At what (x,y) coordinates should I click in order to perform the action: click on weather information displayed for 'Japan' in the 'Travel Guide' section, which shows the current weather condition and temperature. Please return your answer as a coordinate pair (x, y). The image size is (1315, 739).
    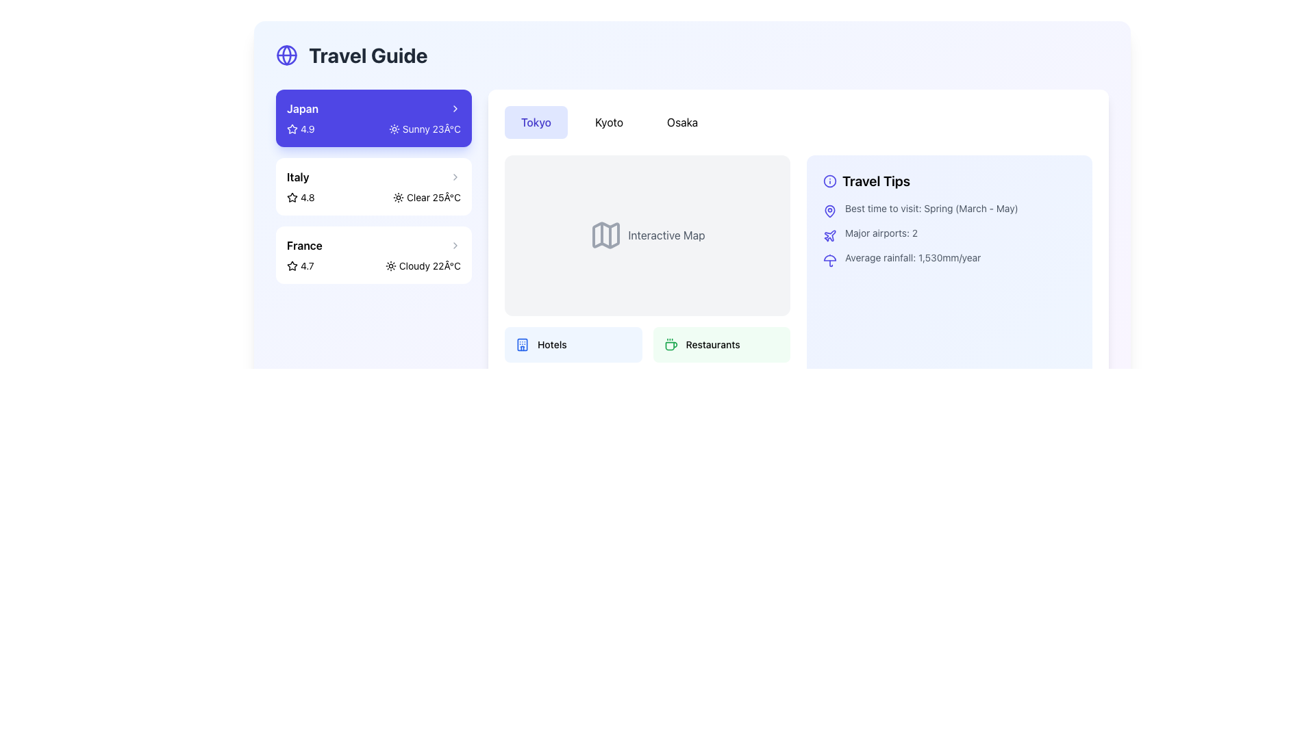
    Looking at the image, I should click on (424, 129).